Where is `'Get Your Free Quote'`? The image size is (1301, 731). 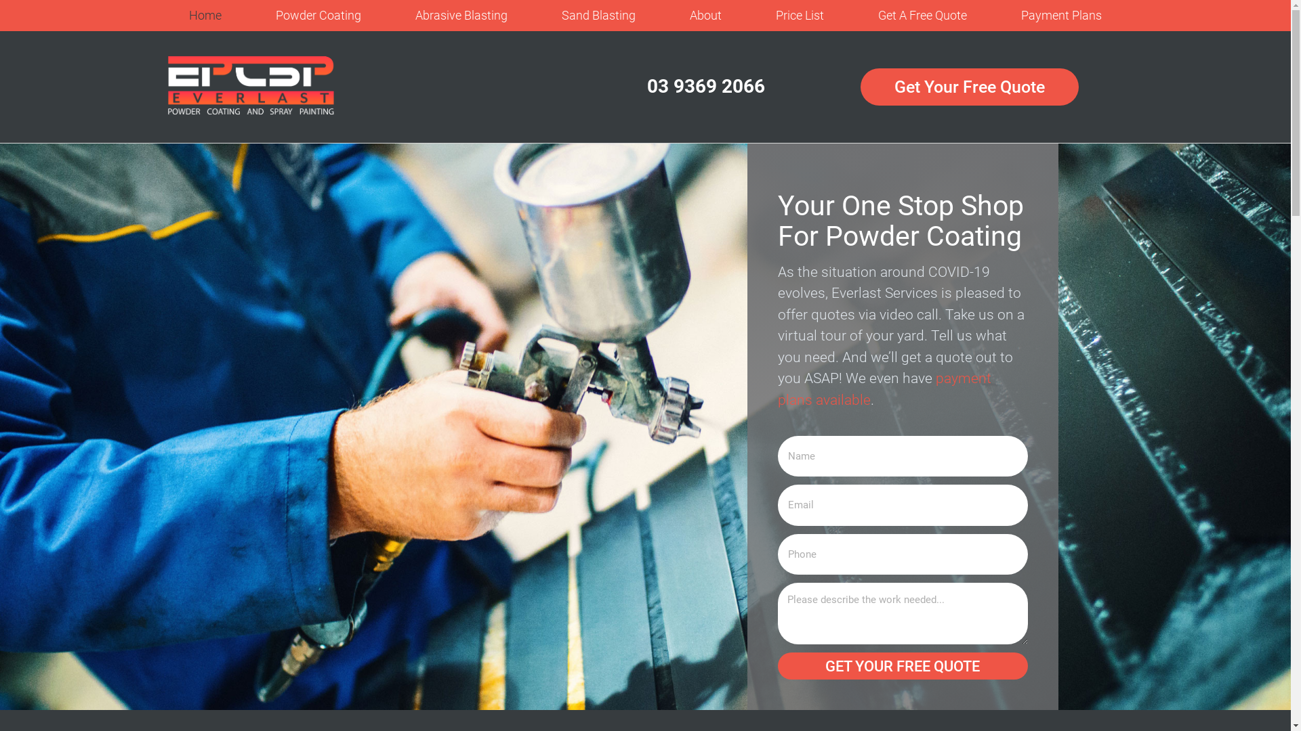
'Get Your Free Quote' is located at coordinates (968, 87).